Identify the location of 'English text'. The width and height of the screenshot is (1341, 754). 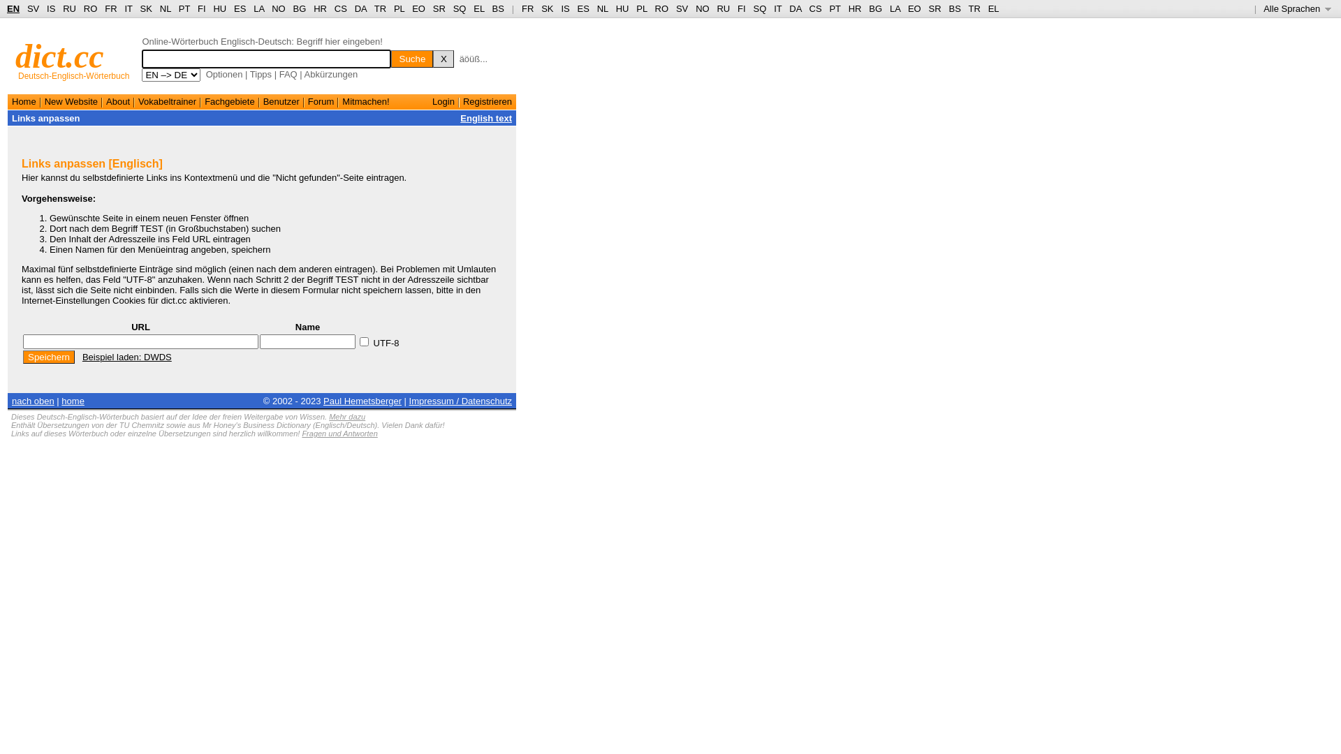
(486, 117).